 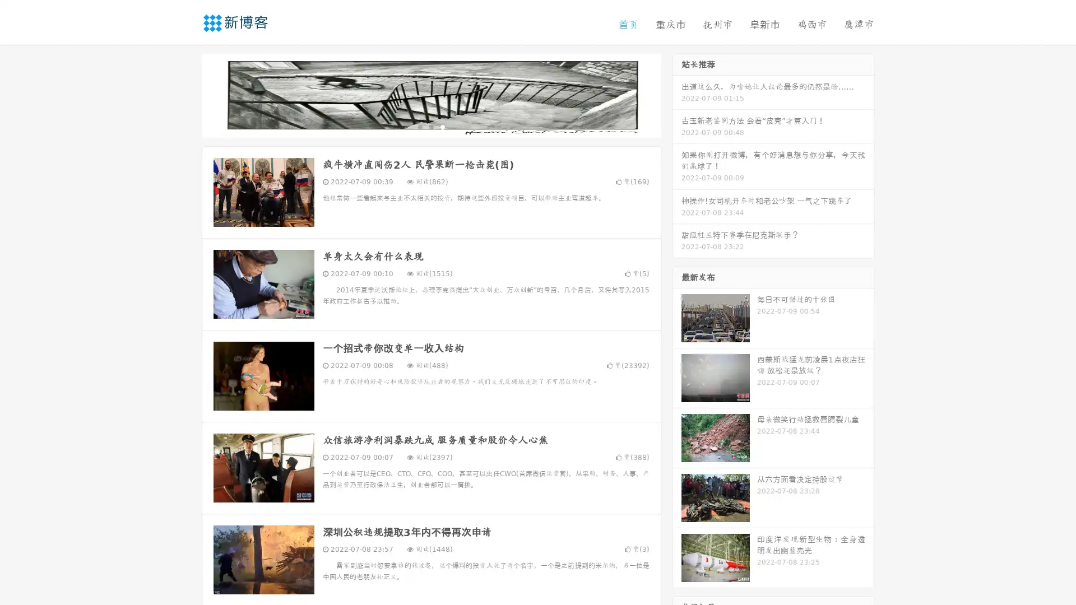 I want to click on Next slide, so click(x=677, y=94).